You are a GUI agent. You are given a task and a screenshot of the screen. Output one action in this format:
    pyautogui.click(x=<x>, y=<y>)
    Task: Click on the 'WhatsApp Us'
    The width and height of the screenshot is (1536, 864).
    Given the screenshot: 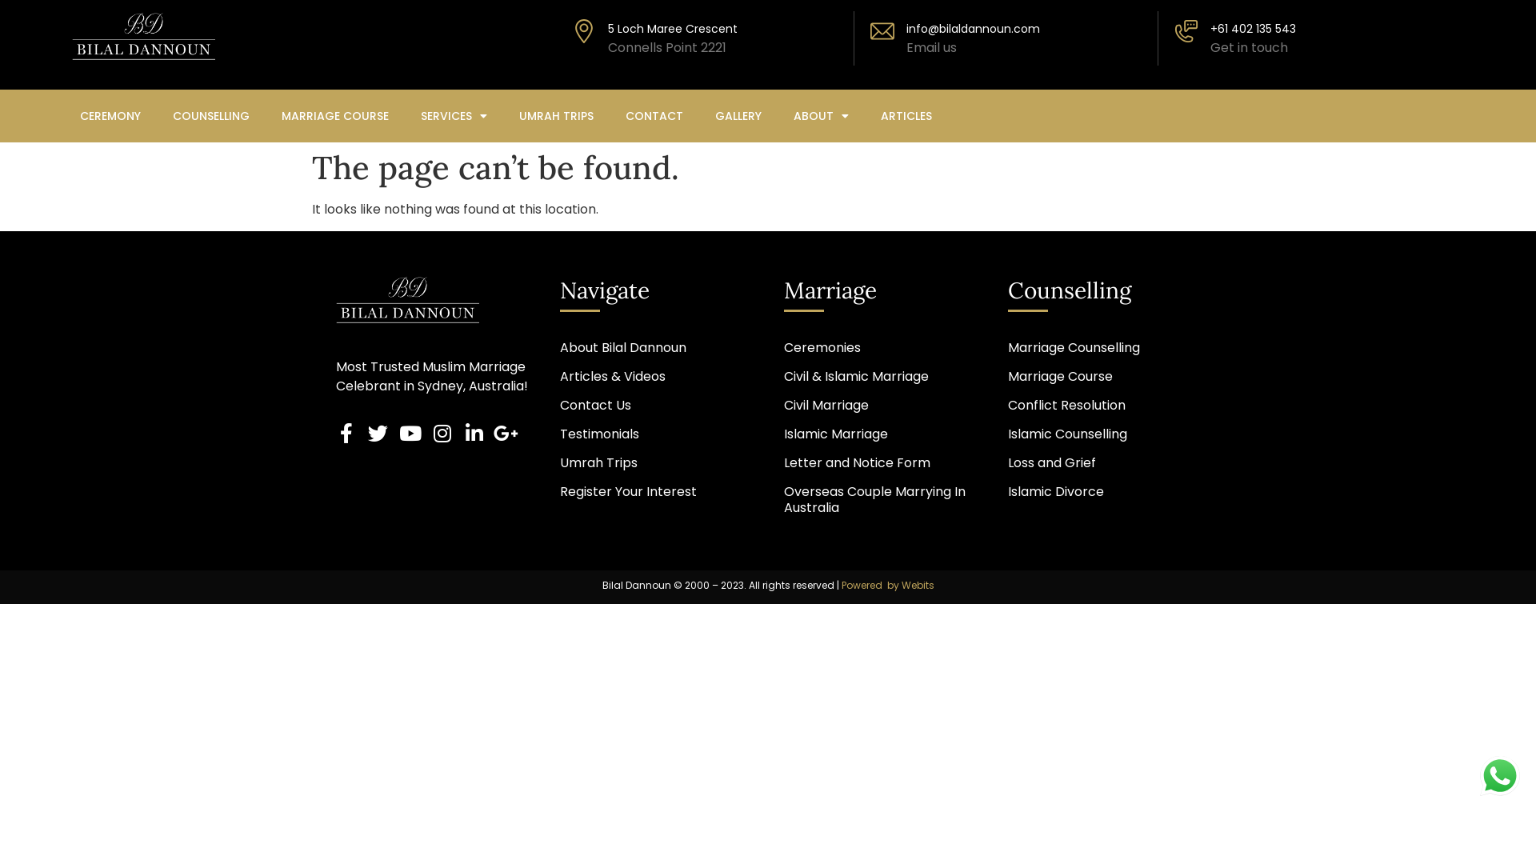 What is the action you would take?
    pyautogui.click(x=1478, y=774)
    